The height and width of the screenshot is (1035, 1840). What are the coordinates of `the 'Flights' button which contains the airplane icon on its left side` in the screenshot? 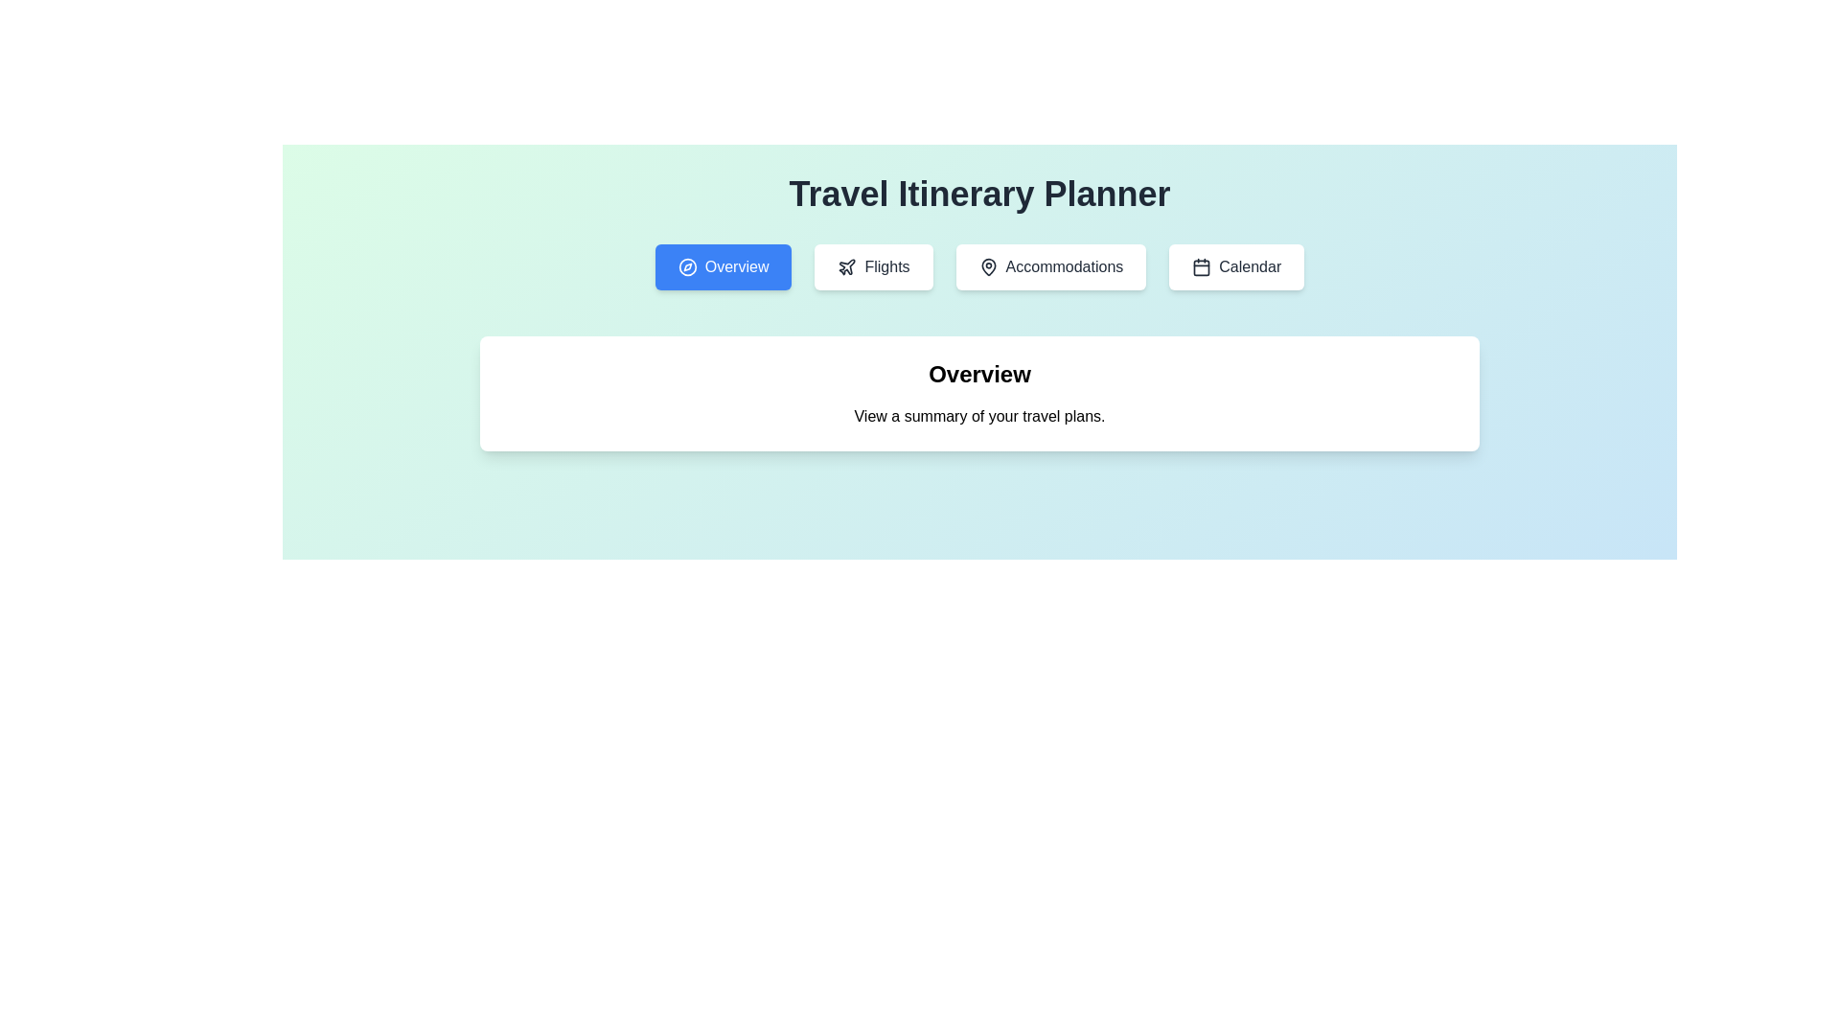 It's located at (845, 266).